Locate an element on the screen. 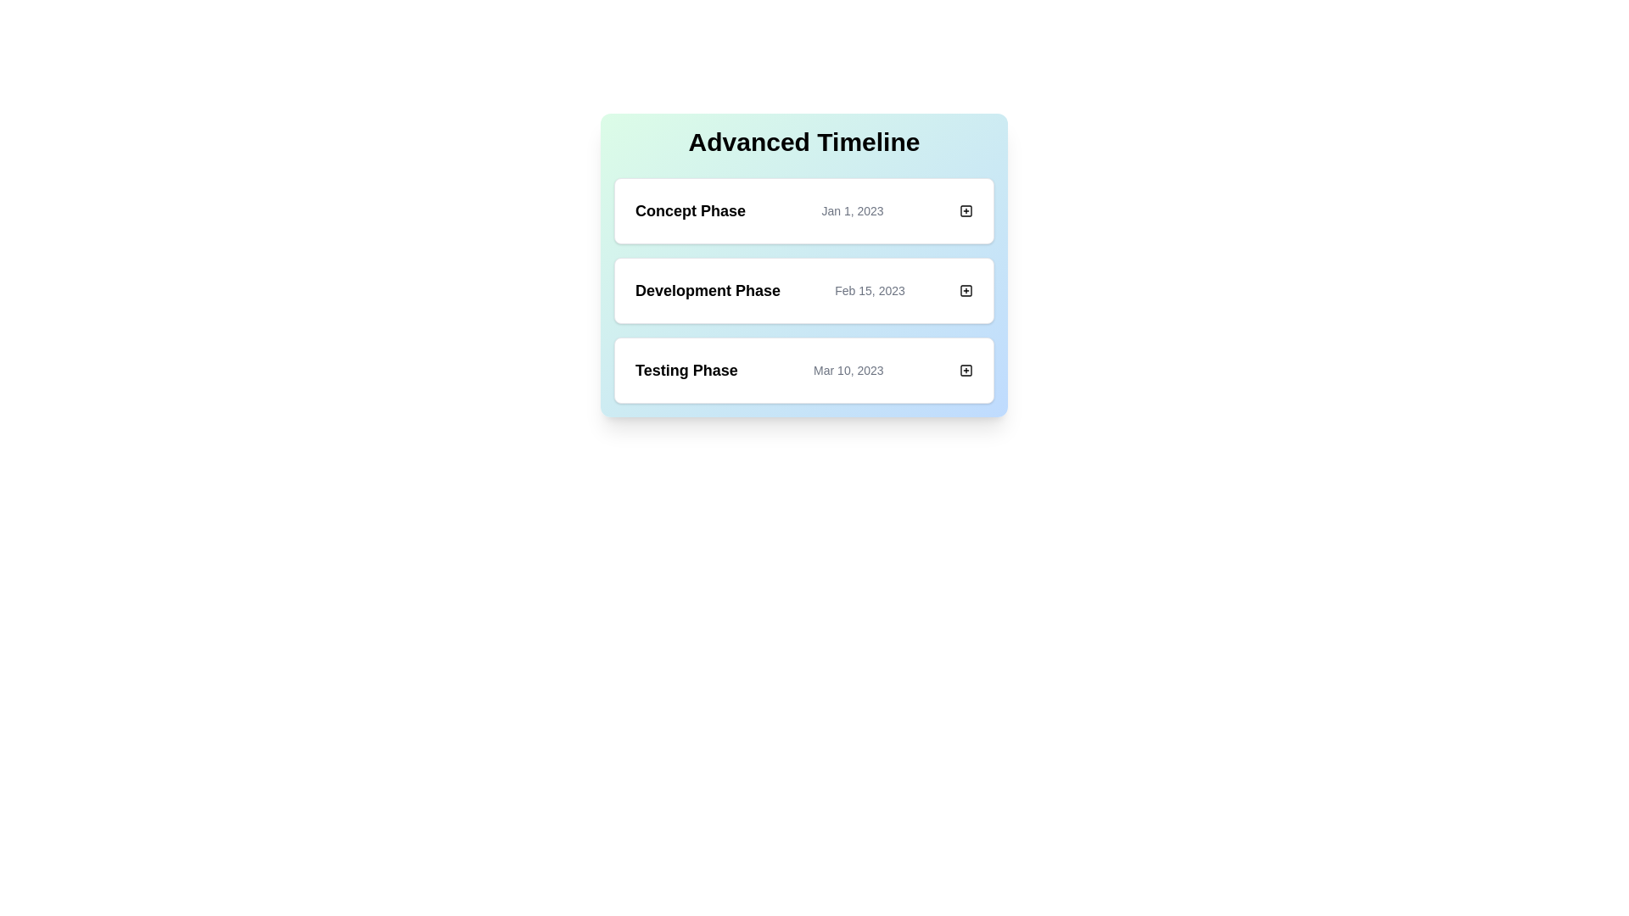 The width and height of the screenshot is (1629, 916). the small icon with a square outline and a plus sign at its center, located next to the 'Jan 1, 2023' text under the 'Concept Phase' heading is located at coordinates (966, 210).